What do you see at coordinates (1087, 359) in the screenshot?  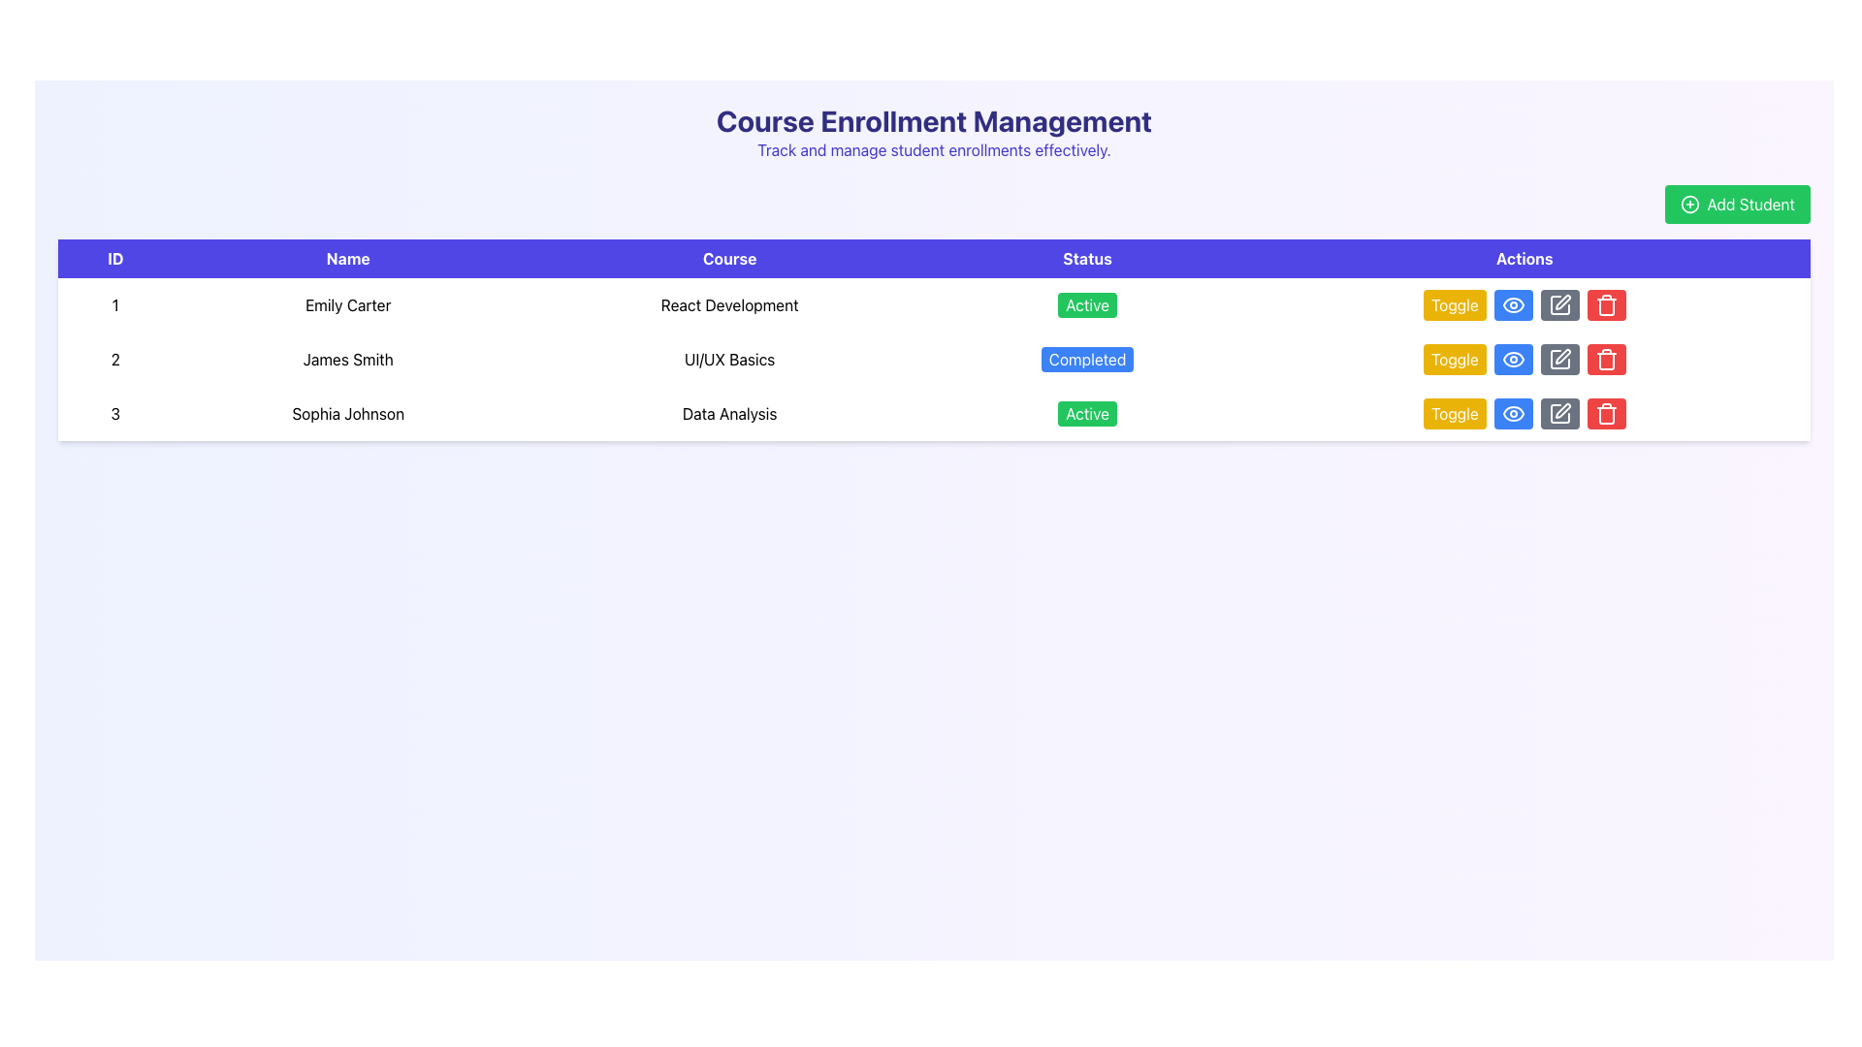 I see `the 'Completed' status button in the 'Status' column of the course 'UI/UX Basics' which has a blue background and white text` at bounding box center [1087, 359].